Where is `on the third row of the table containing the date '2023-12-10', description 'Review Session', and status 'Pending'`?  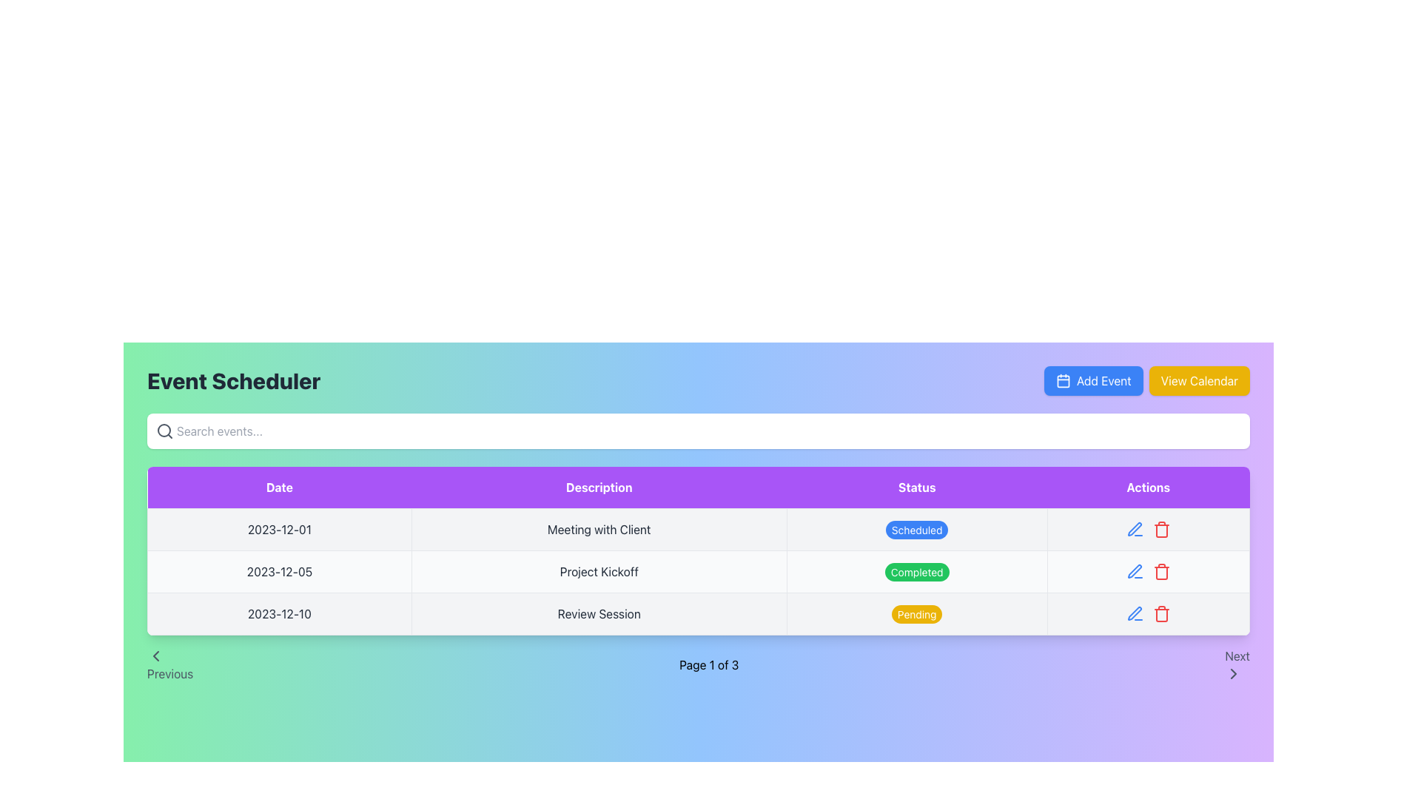
on the third row of the table containing the date '2023-12-10', description 'Review Session', and status 'Pending' is located at coordinates (698, 613).